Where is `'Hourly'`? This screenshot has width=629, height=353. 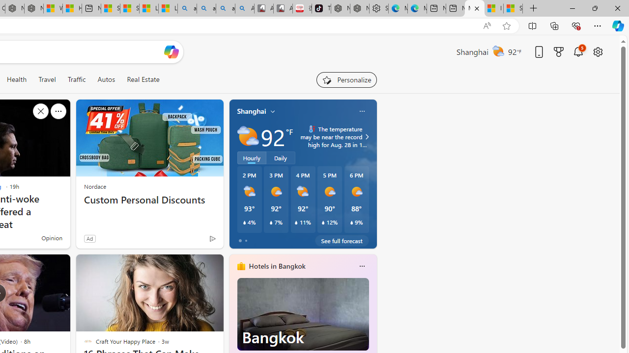 'Hourly' is located at coordinates (252, 157).